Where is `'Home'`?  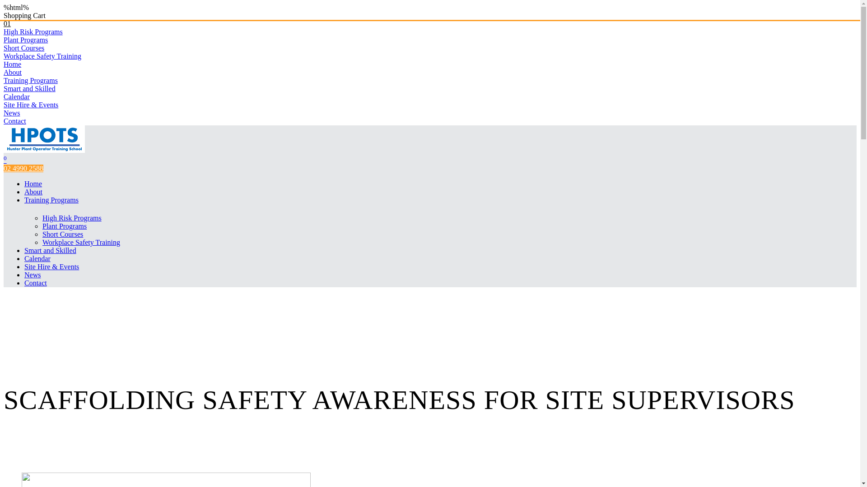 'Home' is located at coordinates (12, 64).